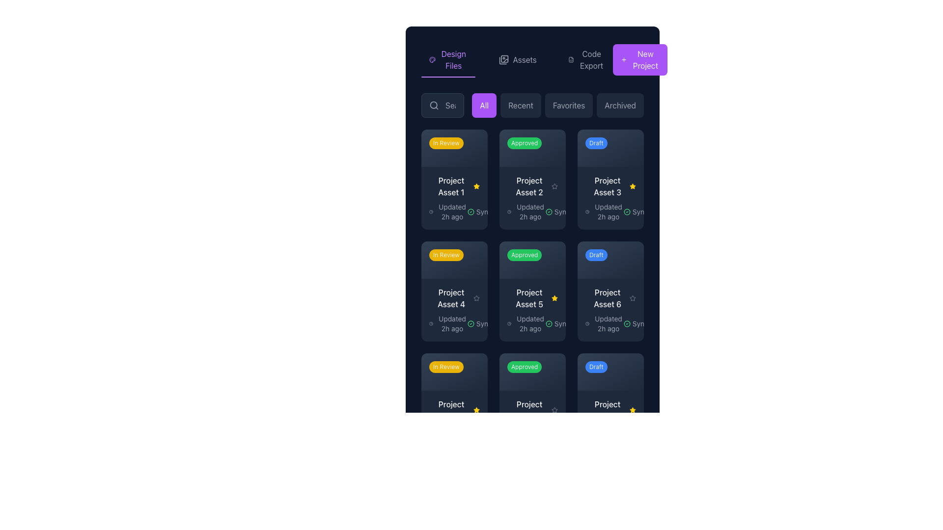 This screenshot has width=943, height=530. What do you see at coordinates (524, 367) in the screenshot?
I see `text inside the small, rounded rectangle label with a green background and white text reading 'Approved', located in the top left corner of the card in the second column of the third row of the grid` at bounding box center [524, 367].